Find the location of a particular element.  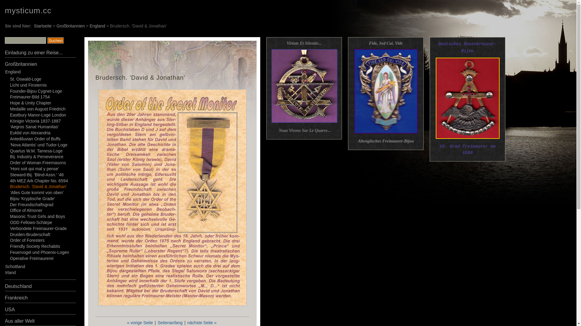

'St. Oswald-Loge' is located at coordinates (25, 79).